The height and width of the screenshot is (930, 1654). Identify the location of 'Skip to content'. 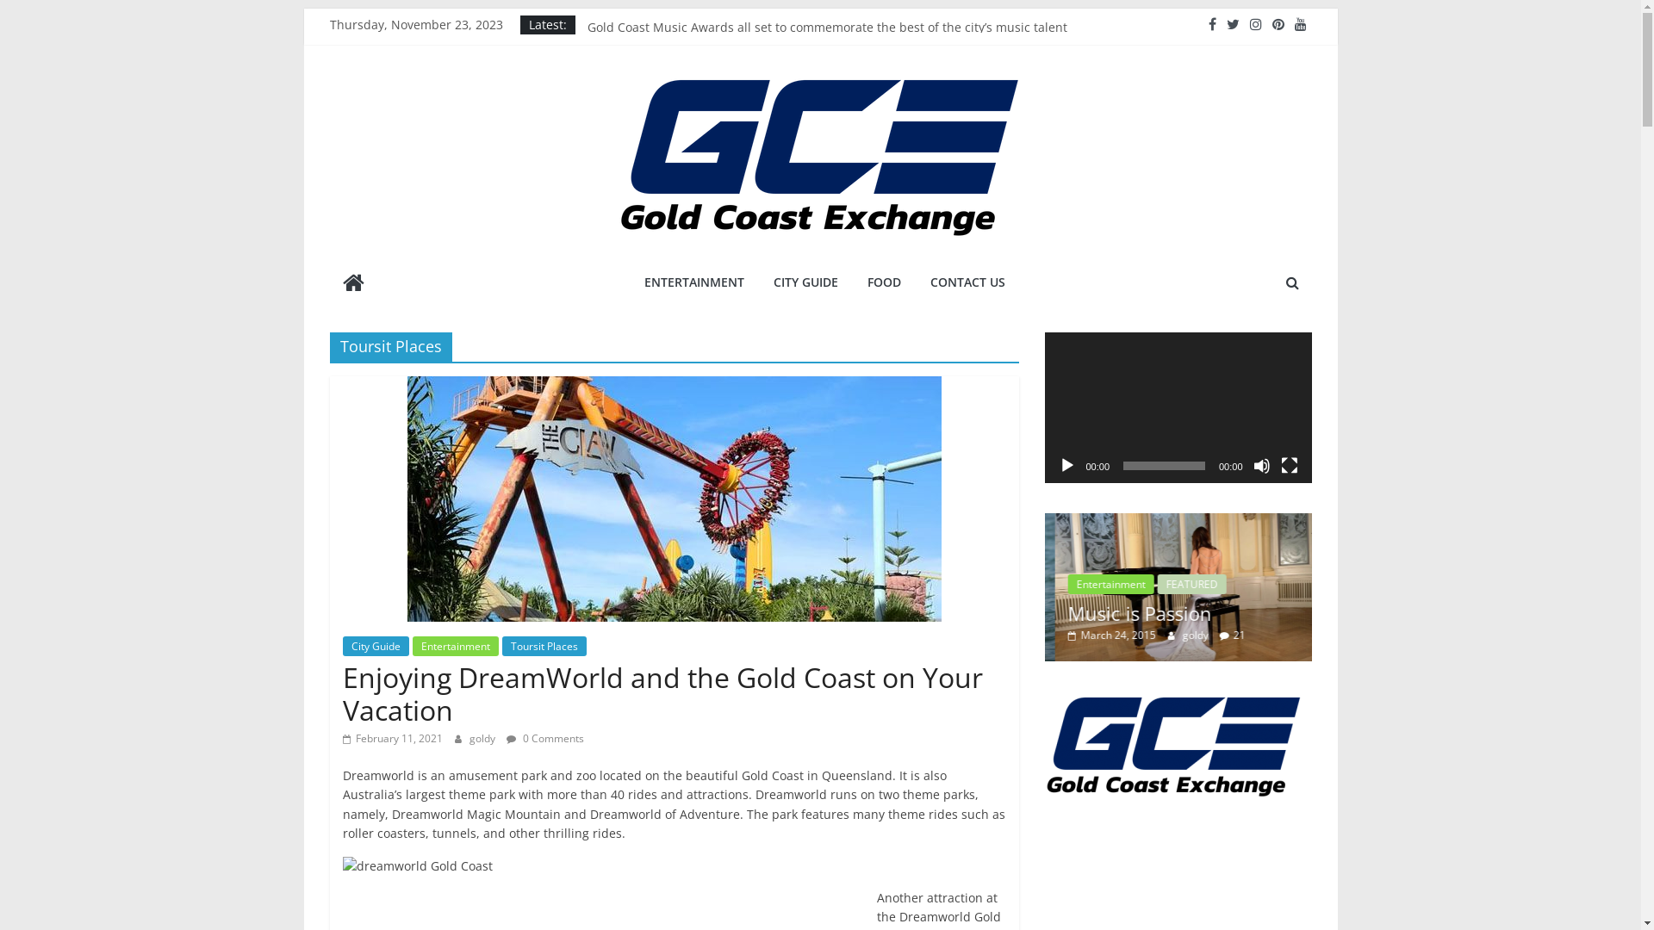
(303, 8).